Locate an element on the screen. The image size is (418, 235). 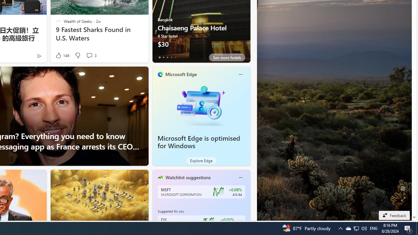
'Edit Background' is located at coordinates (402, 188).